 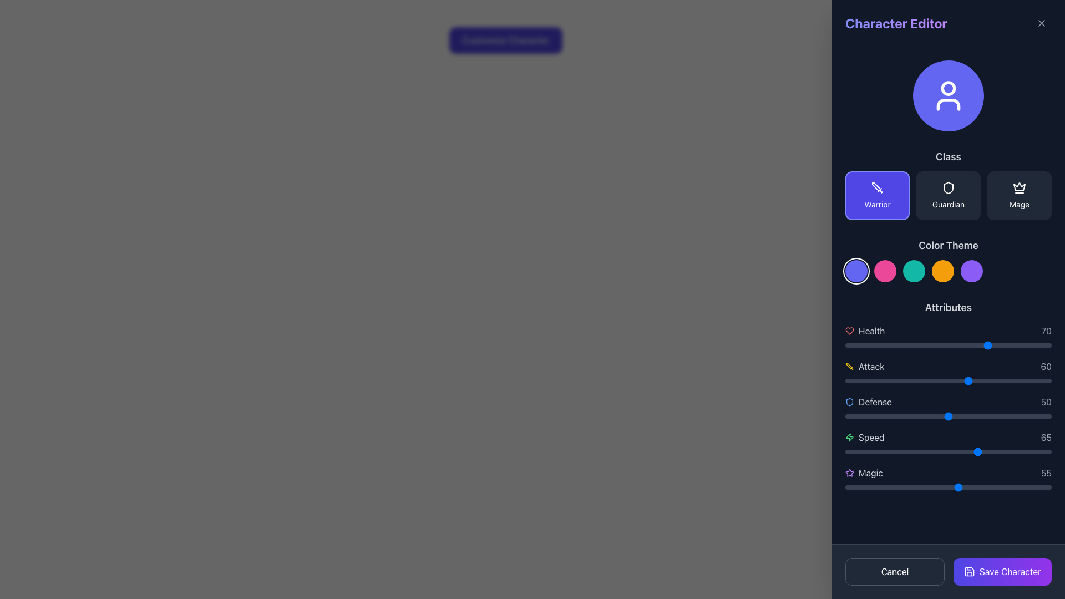 I want to click on the 'Attack' attribute slider, so click(x=981, y=380).